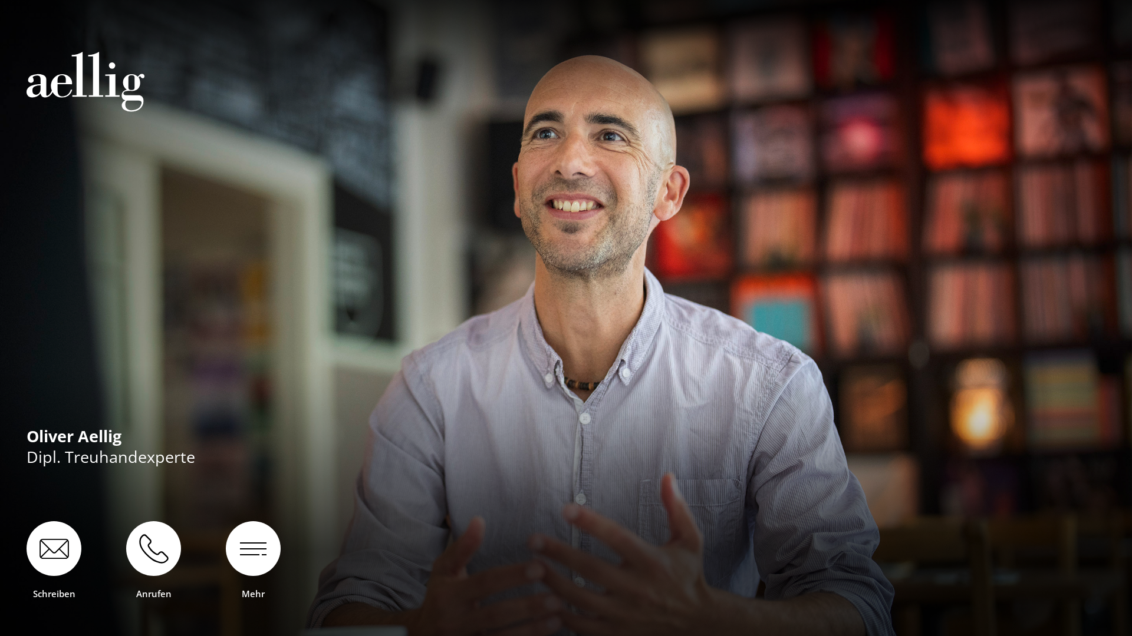  What do you see at coordinates (153, 559) in the screenshot?
I see `'Anrufen'` at bounding box center [153, 559].